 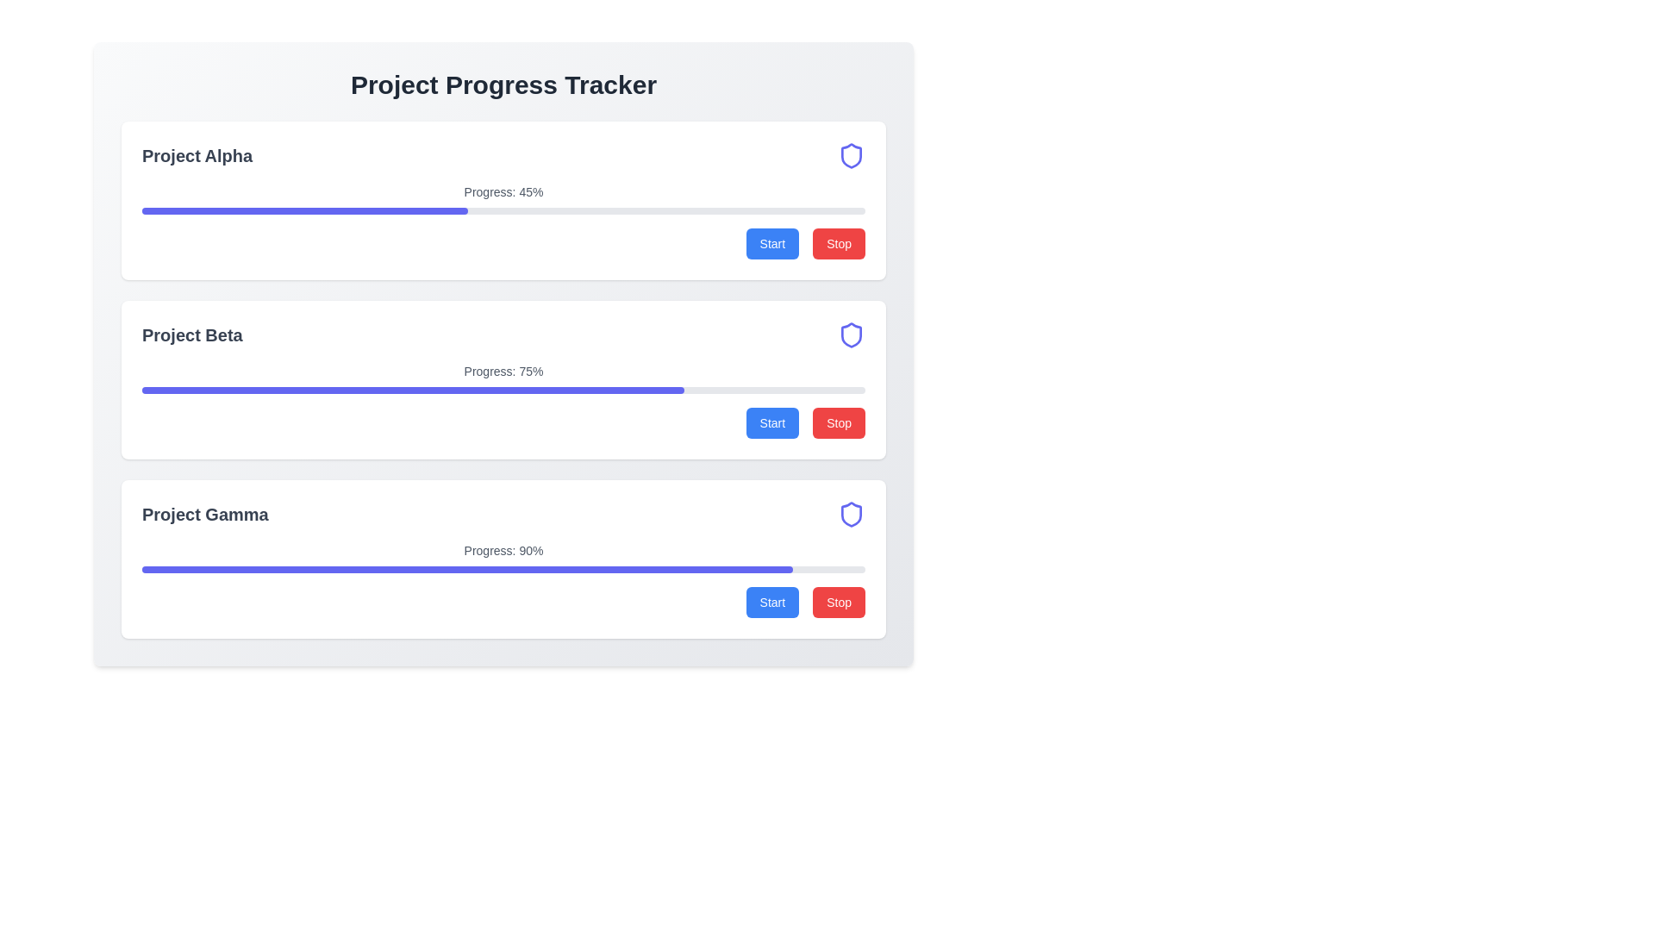 What do you see at coordinates (304, 210) in the screenshot?
I see `the progress level of the indigo progress bar segment in the 'Project Alpha' section located in the top progress display area` at bounding box center [304, 210].